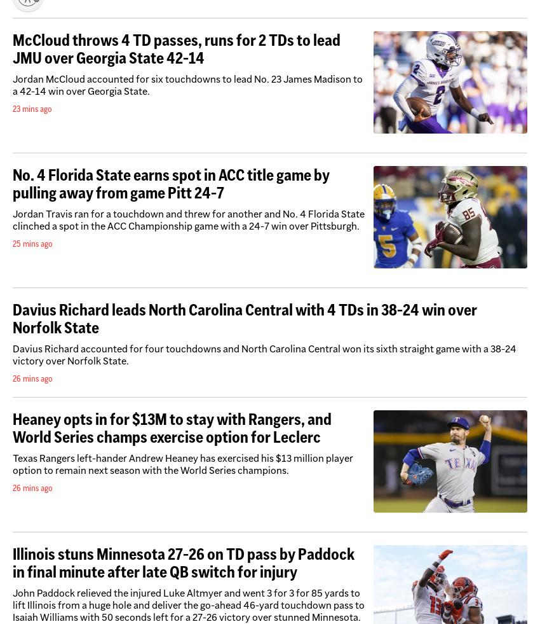  What do you see at coordinates (183, 562) in the screenshot?
I see `'Illinois stuns Minnesota 27-26 on TD pass by Paddock in final minute after late QB switch for injury'` at bounding box center [183, 562].